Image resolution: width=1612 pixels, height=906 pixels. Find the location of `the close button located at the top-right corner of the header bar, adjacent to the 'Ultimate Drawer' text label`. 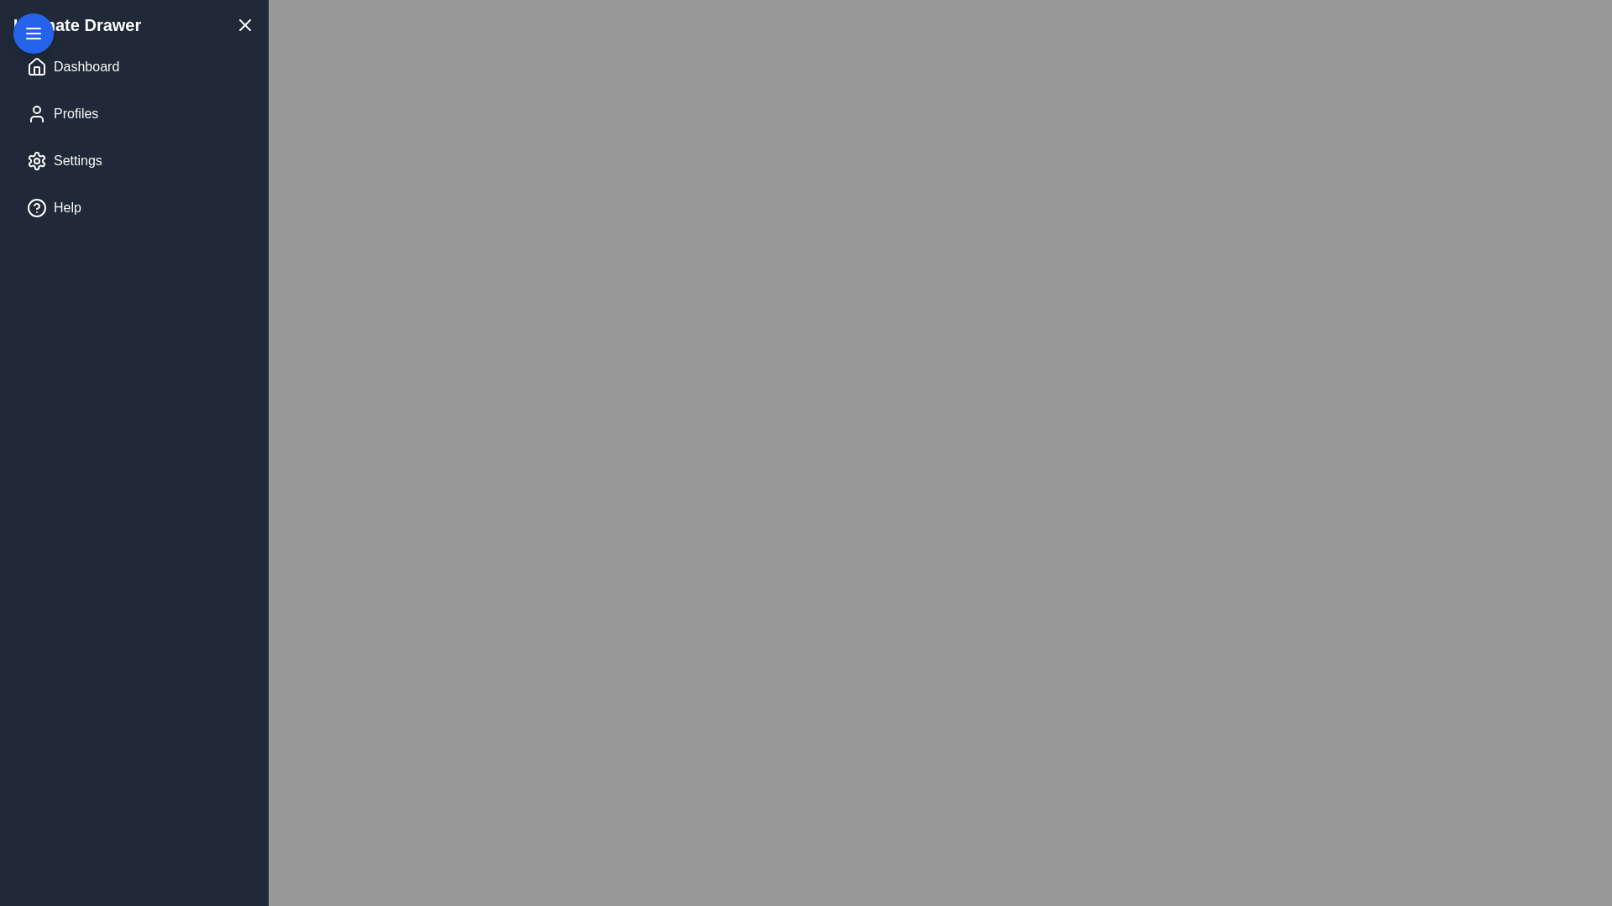

the close button located at the top-right corner of the header bar, adjacent to the 'Ultimate Drawer' text label is located at coordinates (244, 25).